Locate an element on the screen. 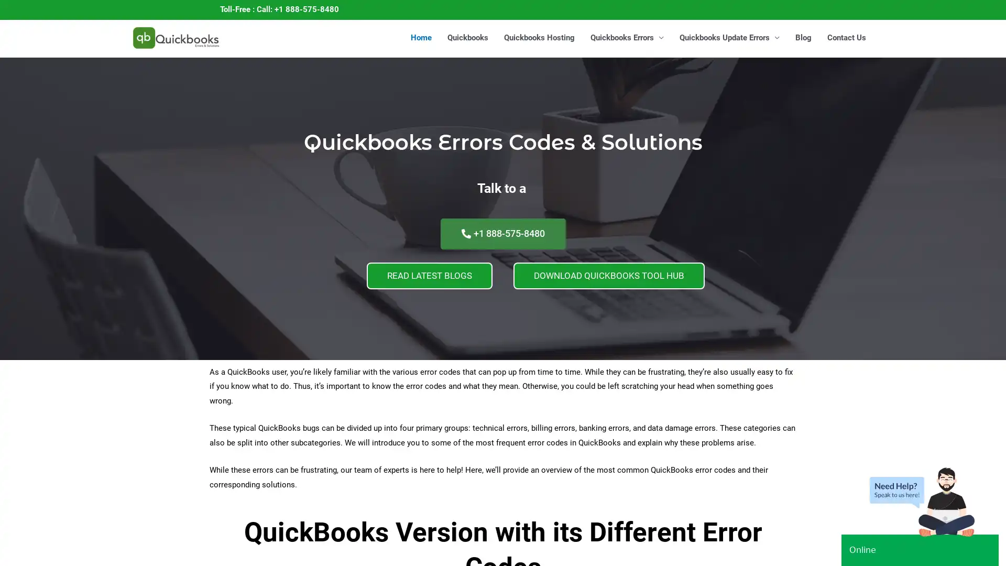 Image resolution: width=1006 pixels, height=566 pixels. +1 888-575-8480 is located at coordinates (502, 233).